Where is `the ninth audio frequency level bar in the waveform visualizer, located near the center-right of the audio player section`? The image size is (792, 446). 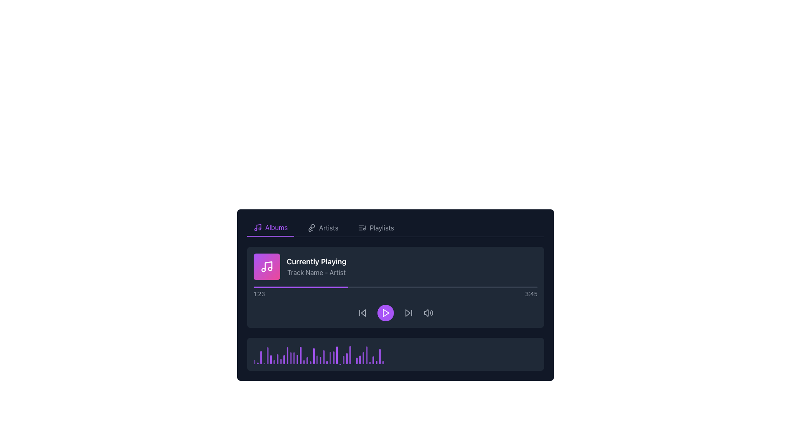
the ninth audio frequency level bar in the waveform visualizer, located near the center-right of the audio player section is located at coordinates (281, 361).